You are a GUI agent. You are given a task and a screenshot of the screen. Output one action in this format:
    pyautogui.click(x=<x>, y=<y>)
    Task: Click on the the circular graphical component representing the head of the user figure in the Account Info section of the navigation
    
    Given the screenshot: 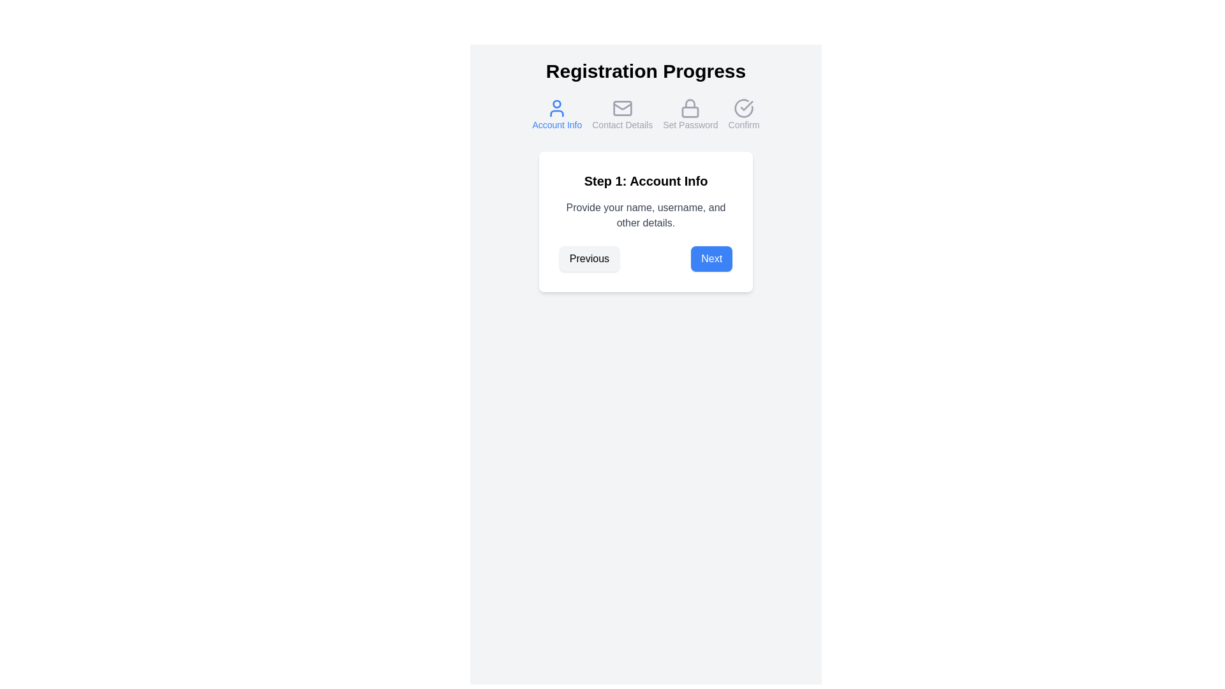 What is the action you would take?
    pyautogui.click(x=557, y=103)
    